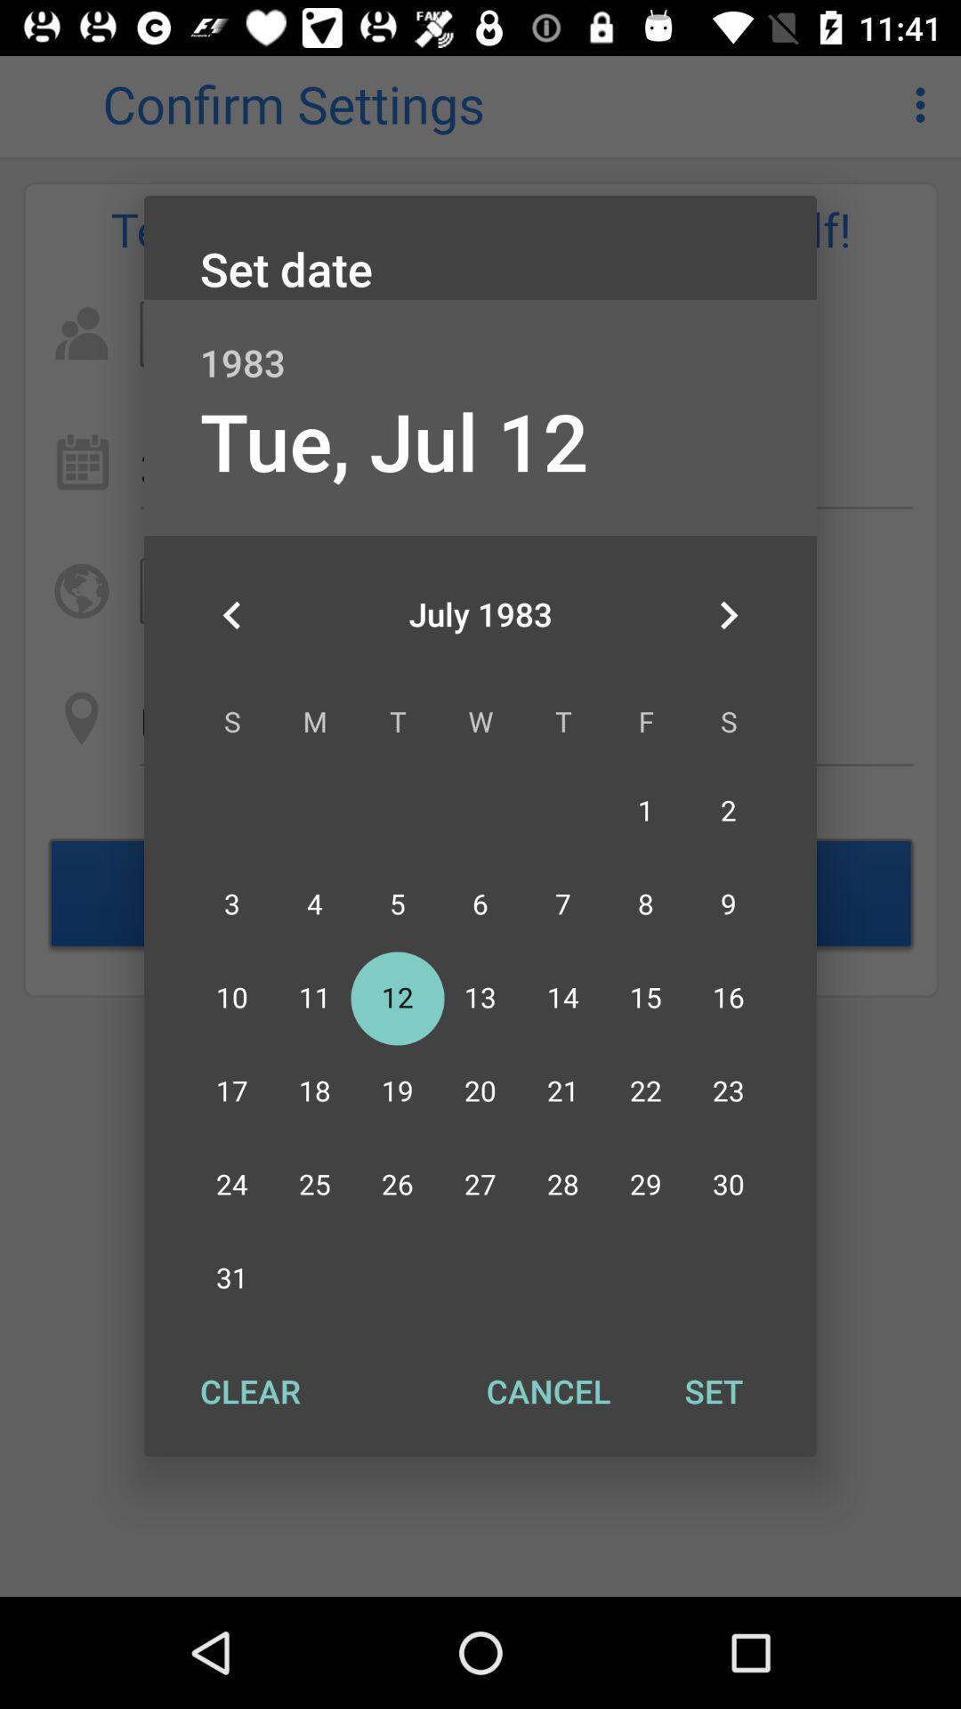 The image size is (961, 1709). I want to click on item next to the set, so click(547, 1390).